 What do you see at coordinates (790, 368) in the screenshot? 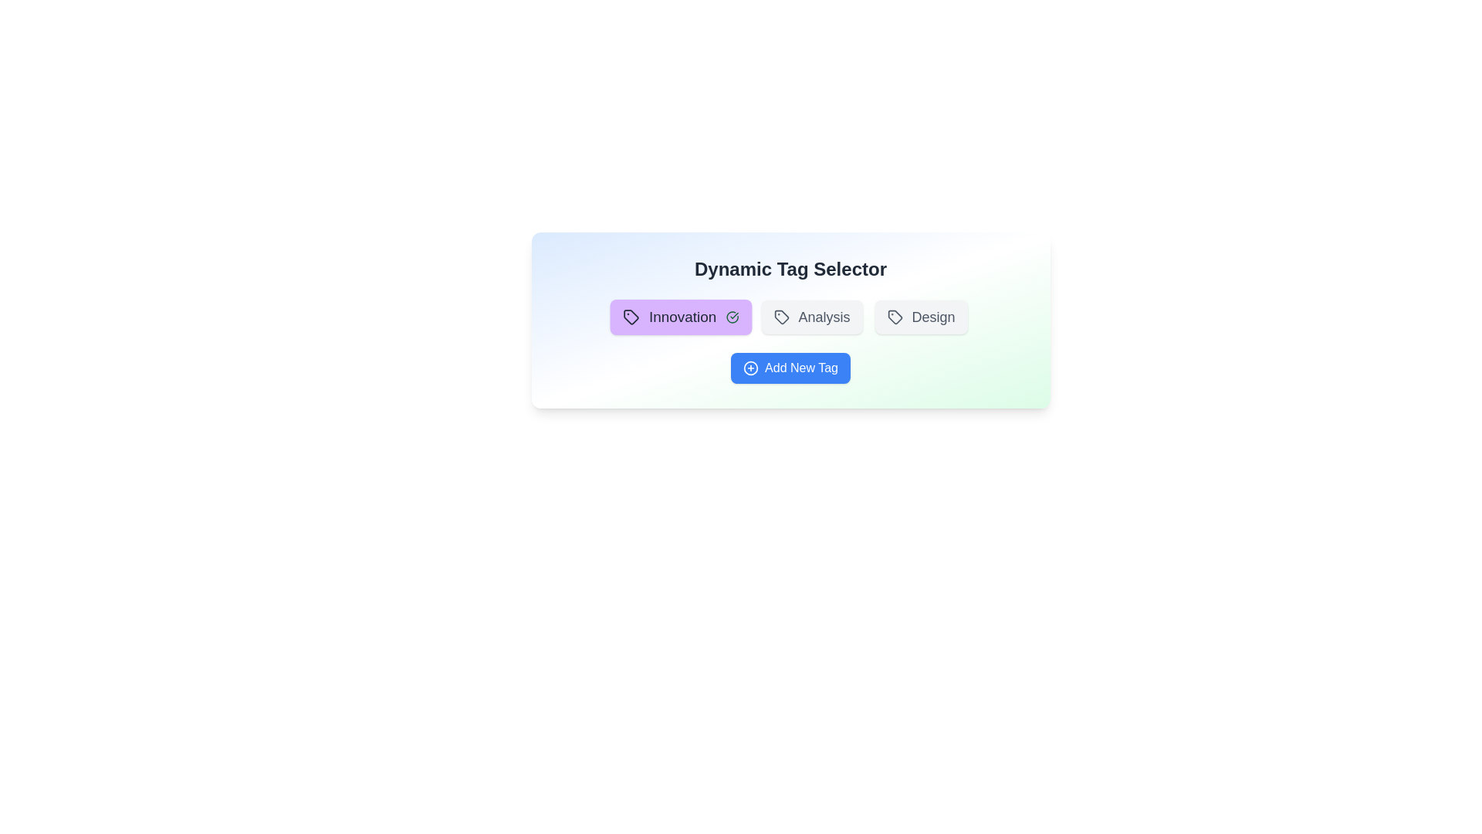
I see `'Add New Tag' button` at bounding box center [790, 368].